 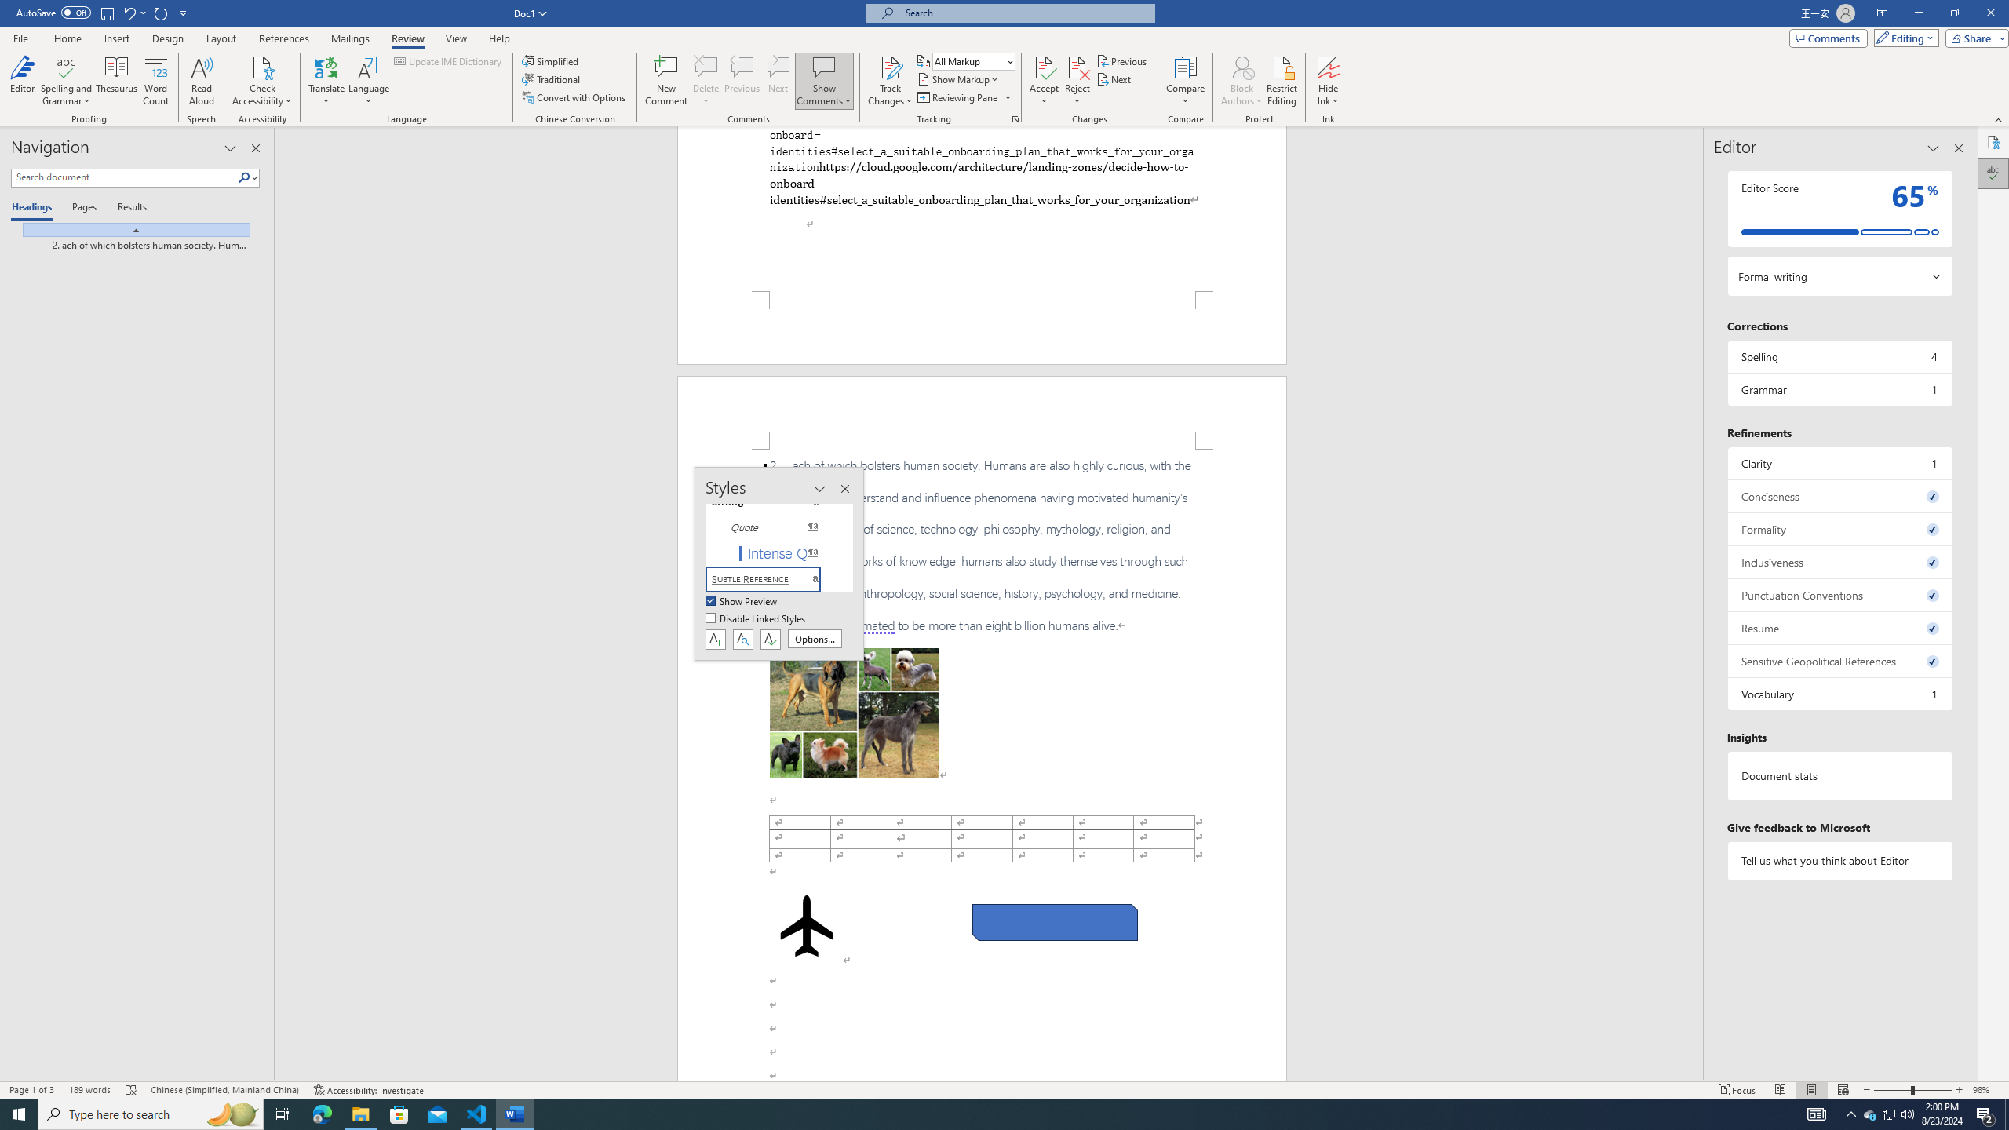 I want to click on 'Delete', so click(x=705, y=81).